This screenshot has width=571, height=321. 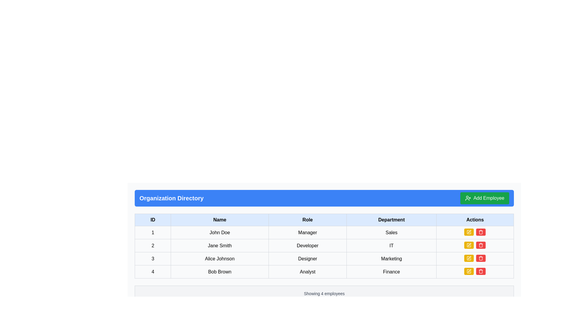 I want to click on the leftmost edit icon in the 'Actions' column for the Marketing department to initiate an edit action, so click(x=469, y=258).